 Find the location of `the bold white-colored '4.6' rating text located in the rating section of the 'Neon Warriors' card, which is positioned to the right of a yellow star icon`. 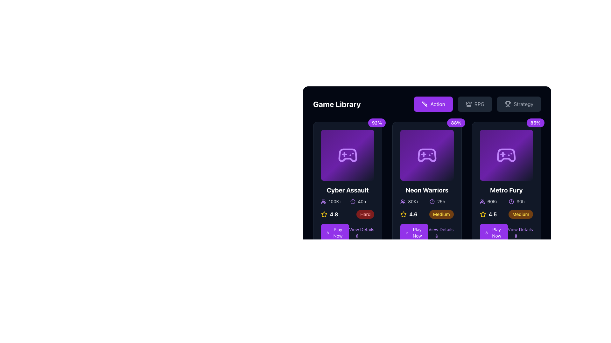

the bold white-colored '4.6' rating text located in the rating section of the 'Neon Warriors' card, which is positioned to the right of a yellow star icon is located at coordinates (413, 214).